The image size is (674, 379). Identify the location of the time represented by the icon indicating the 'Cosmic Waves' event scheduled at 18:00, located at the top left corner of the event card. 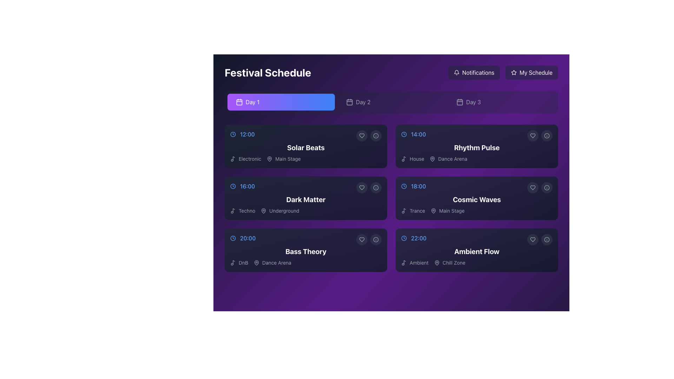
(404, 186).